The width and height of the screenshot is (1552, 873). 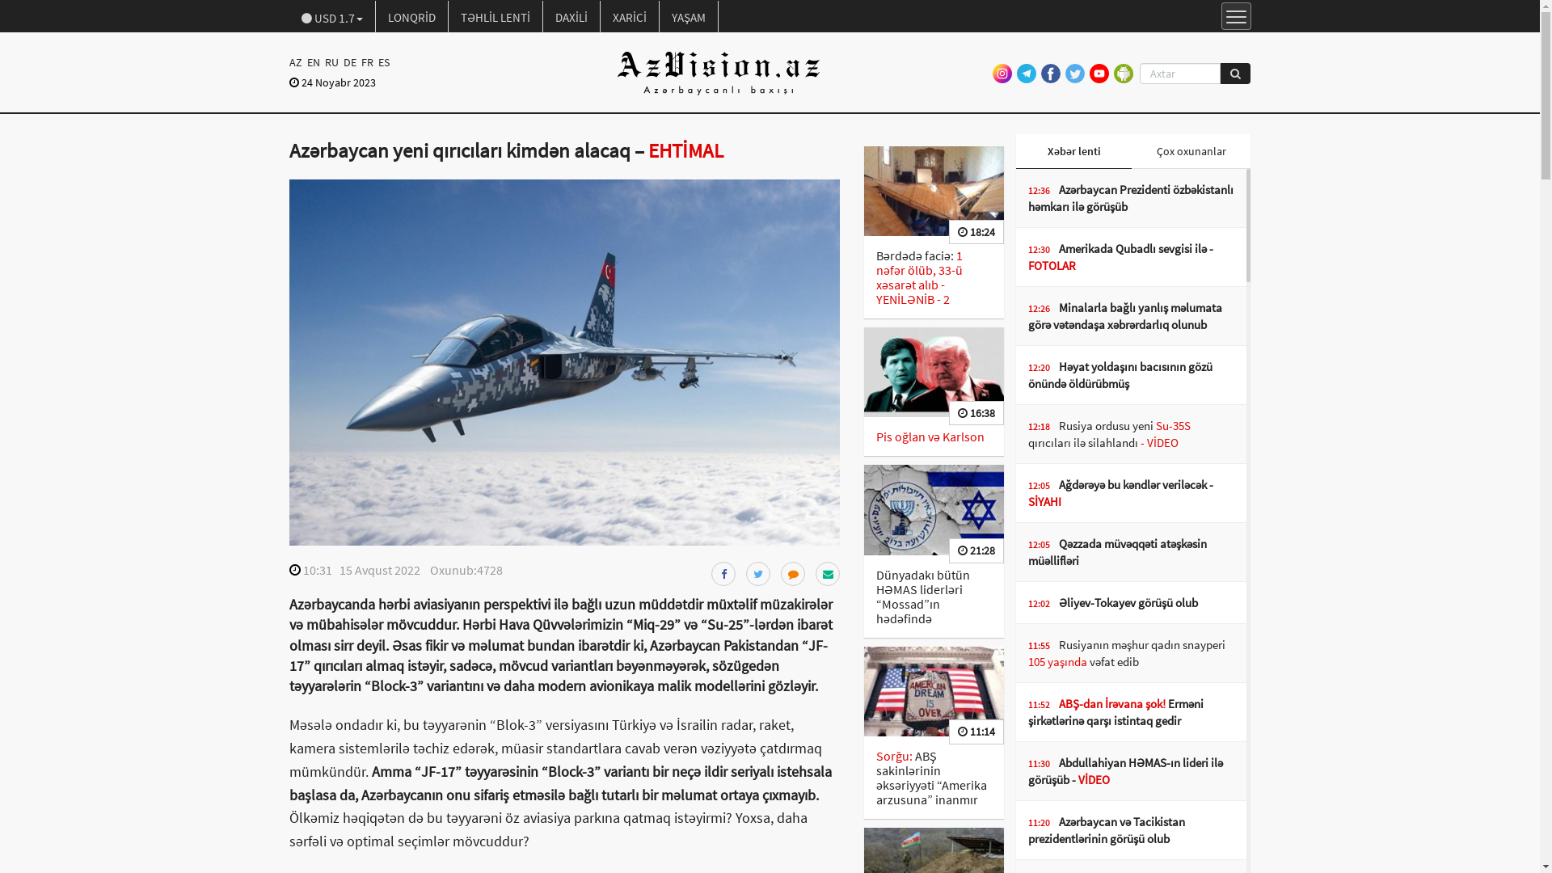 I want to click on 'DE', so click(x=348, y=61).